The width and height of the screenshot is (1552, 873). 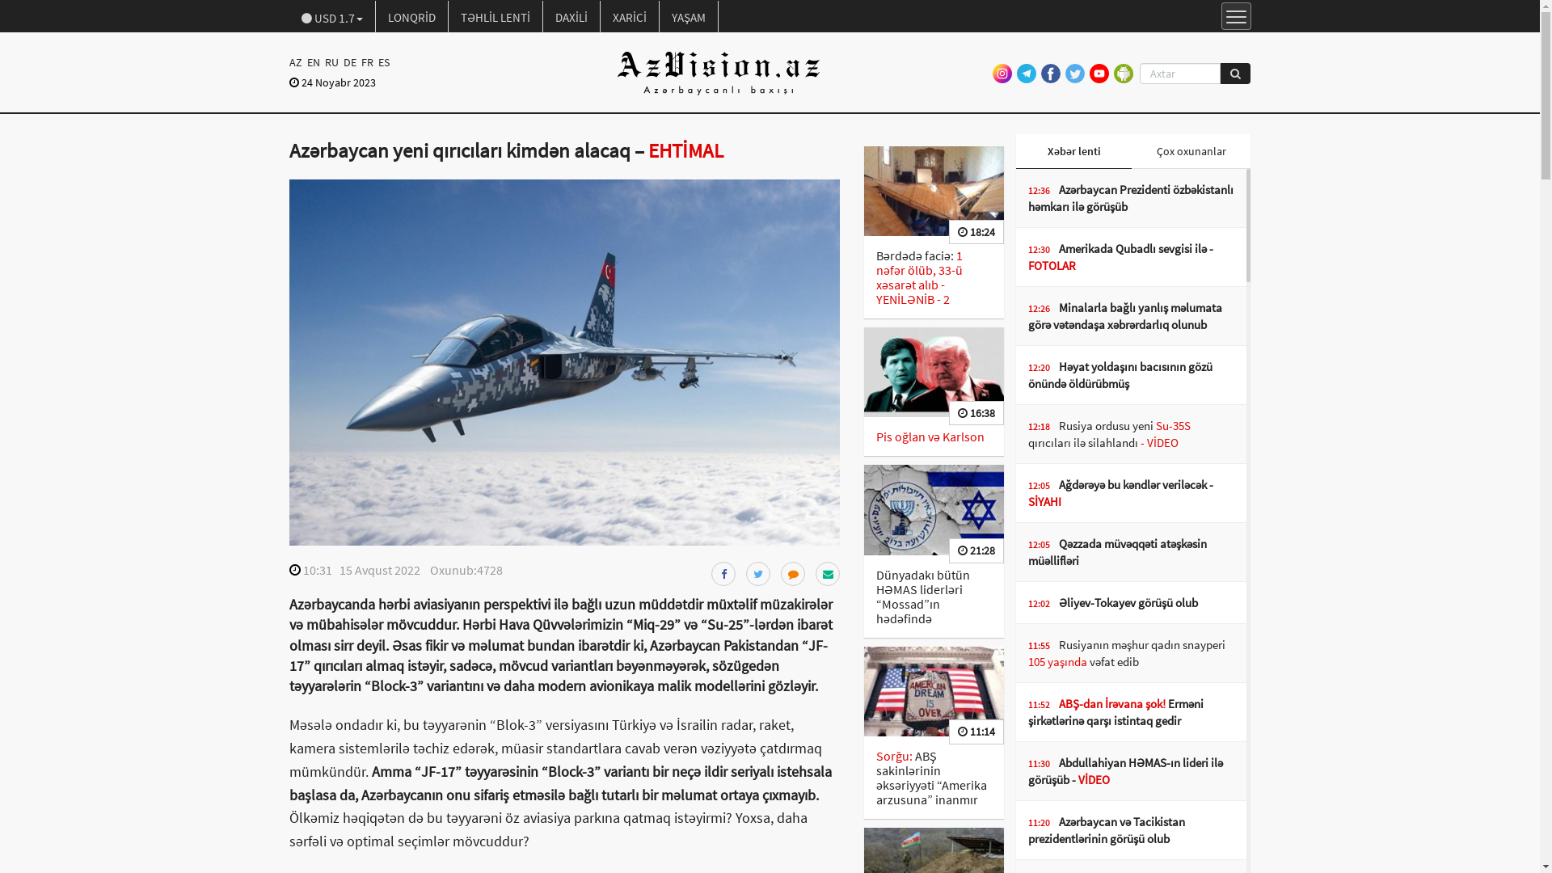 I want to click on 'DE', so click(x=348, y=61).